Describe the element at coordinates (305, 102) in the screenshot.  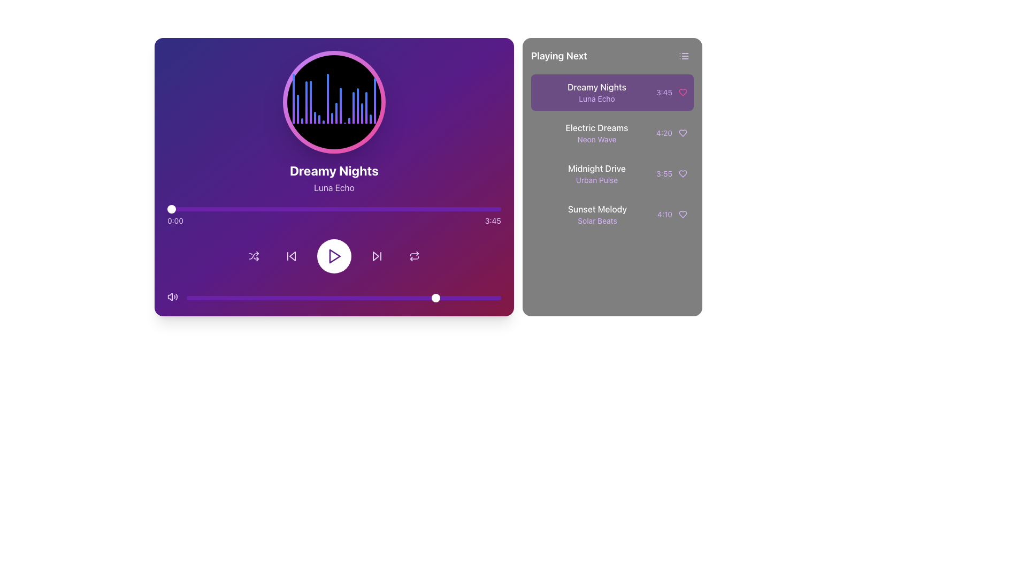
I see `the fourth progress or audio level bar, which visually indicates audio levels above the audio control panel of the music player interface` at that location.